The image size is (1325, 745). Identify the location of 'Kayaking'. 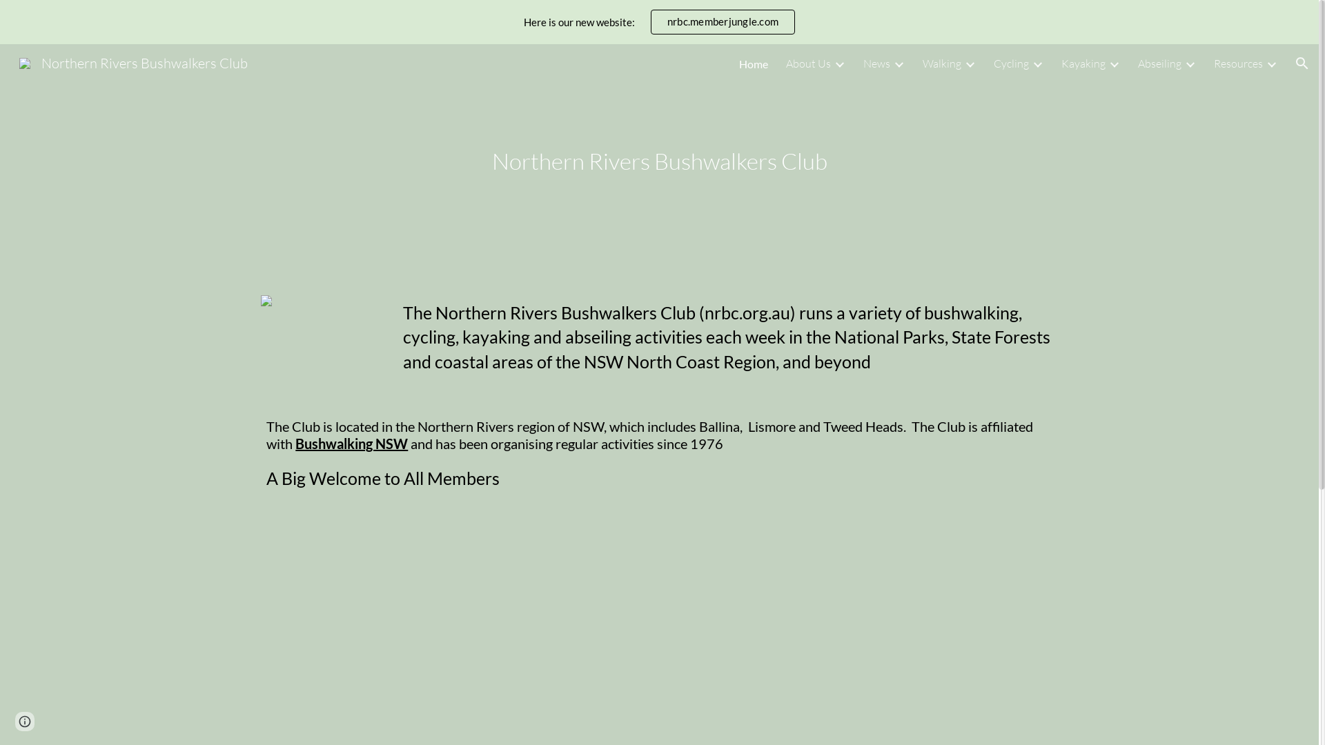
(1082, 63).